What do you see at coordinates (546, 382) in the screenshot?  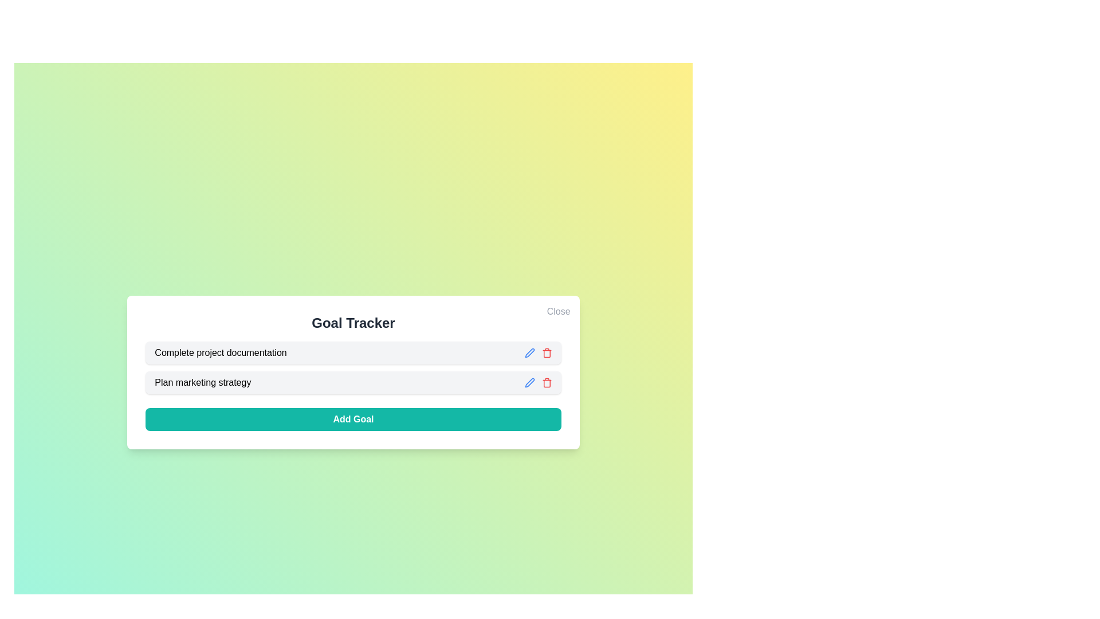 I see `the delete icon for the goal Plan marketing strategy` at bounding box center [546, 382].